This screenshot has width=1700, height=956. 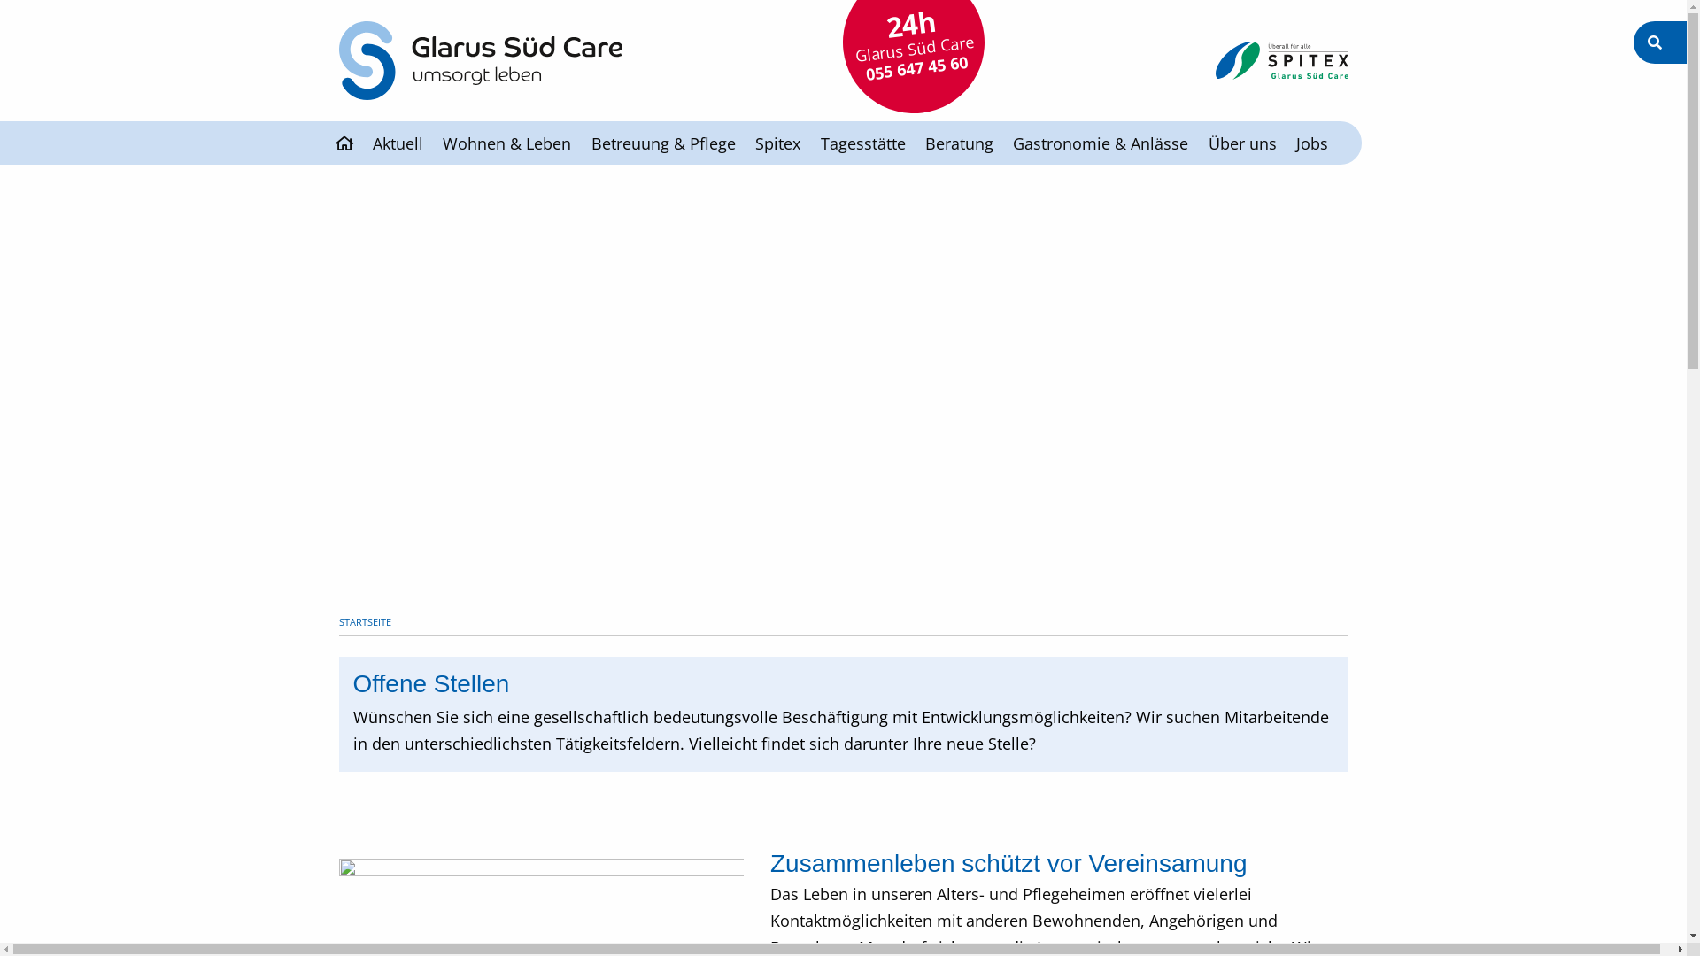 What do you see at coordinates (397, 142) in the screenshot?
I see `'Aktuell'` at bounding box center [397, 142].